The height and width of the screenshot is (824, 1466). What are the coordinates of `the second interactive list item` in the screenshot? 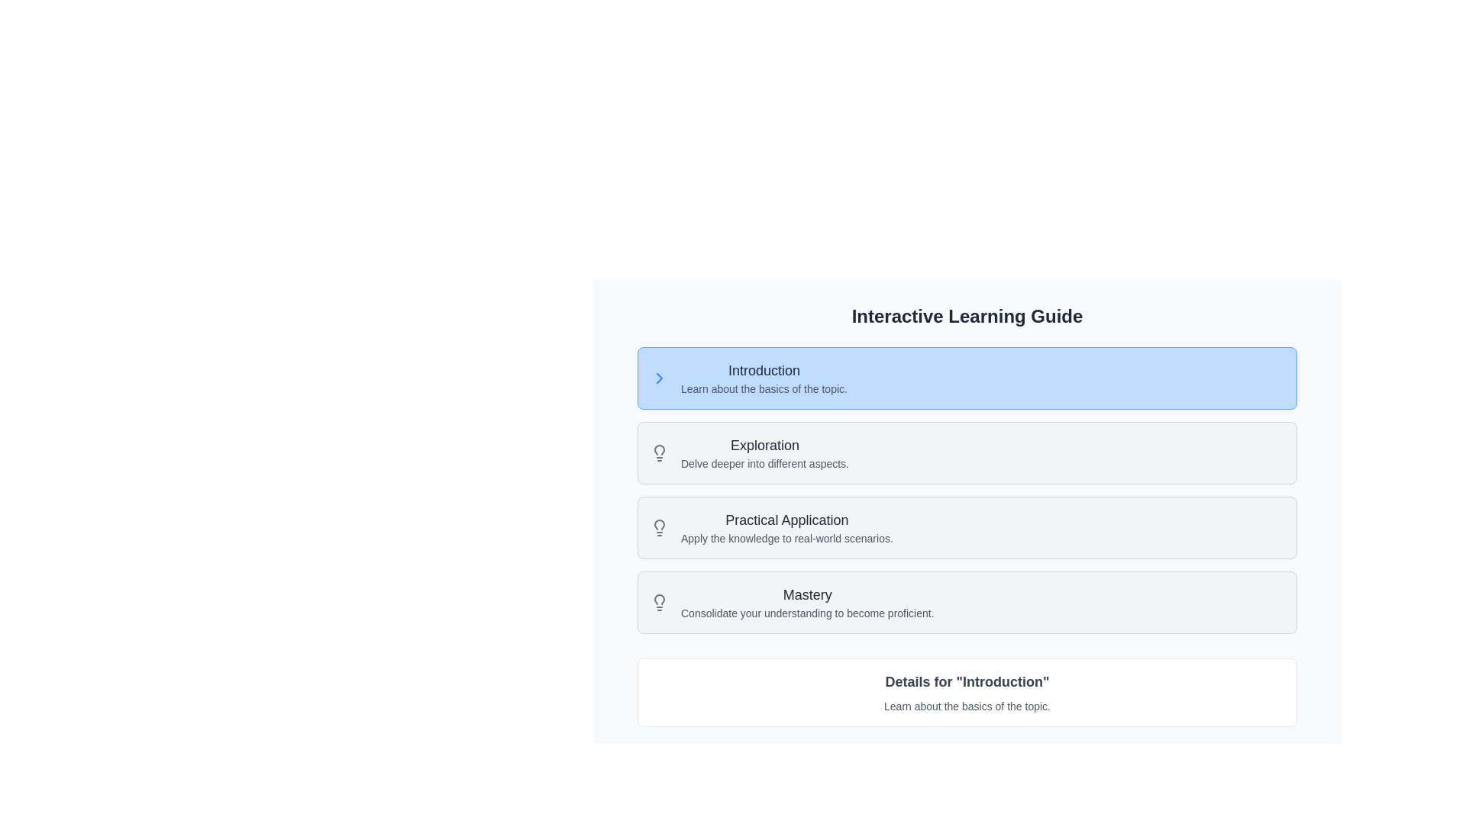 It's located at (967, 491).